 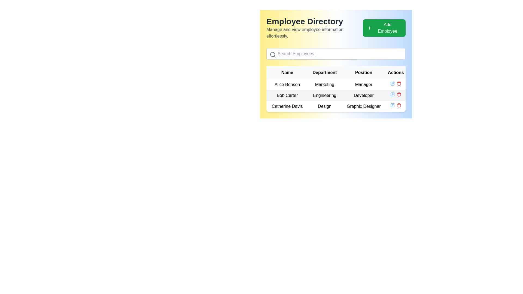 I want to click on the green rectangular button labeled 'Add Employee' with a white plus symbol, so click(x=384, y=28).